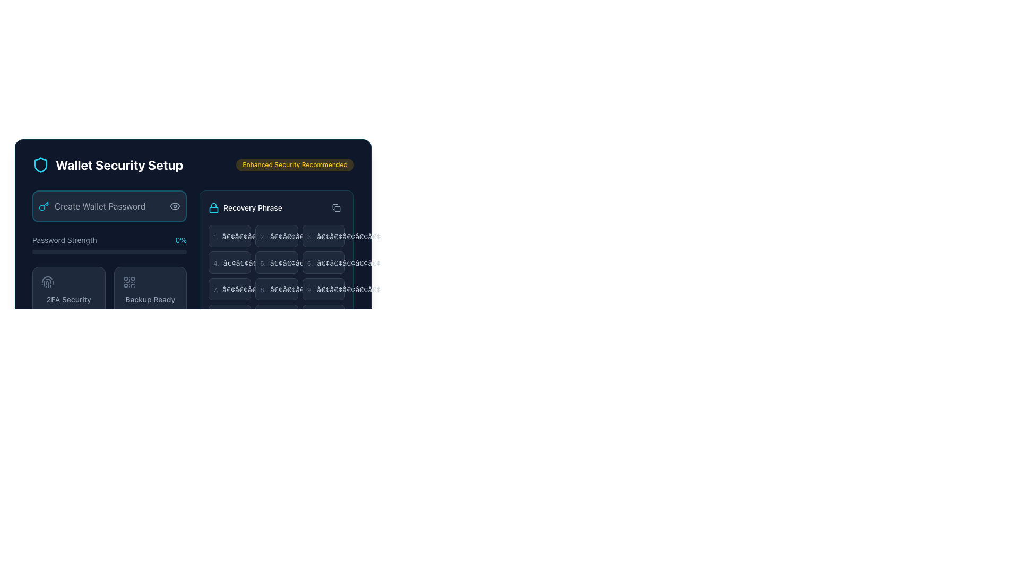  Describe the element at coordinates (335, 208) in the screenshot. I see `the icon button located in the upper-right area of the 'Recovery Phrase' section, which represents a copy action` at that location.